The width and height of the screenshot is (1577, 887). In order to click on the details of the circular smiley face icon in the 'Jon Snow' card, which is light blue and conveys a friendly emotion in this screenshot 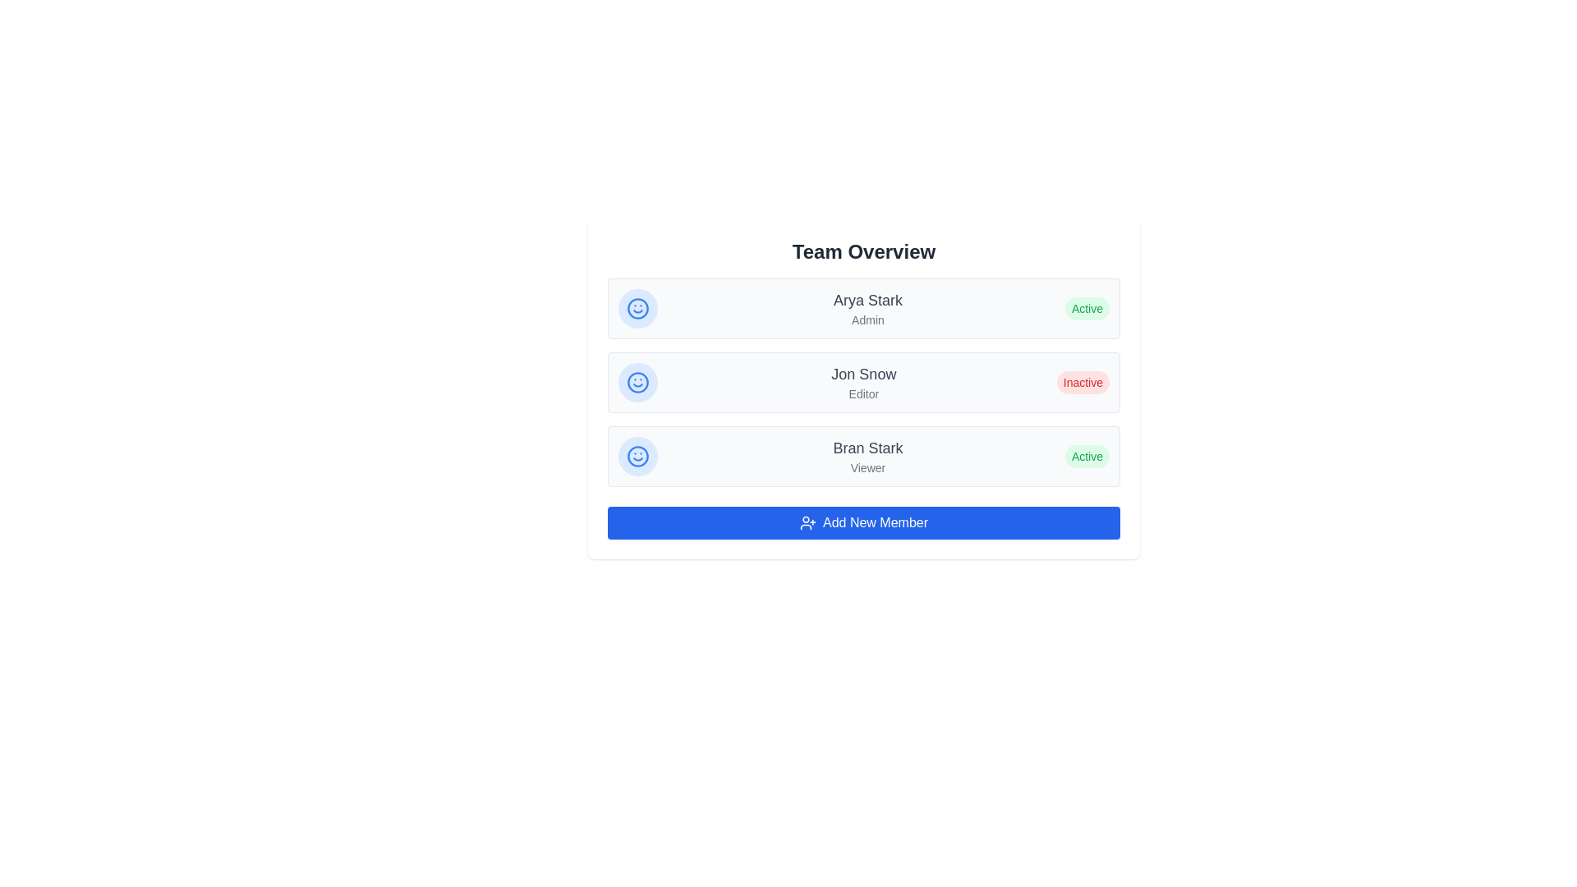, I will do `click(637, 383)`.